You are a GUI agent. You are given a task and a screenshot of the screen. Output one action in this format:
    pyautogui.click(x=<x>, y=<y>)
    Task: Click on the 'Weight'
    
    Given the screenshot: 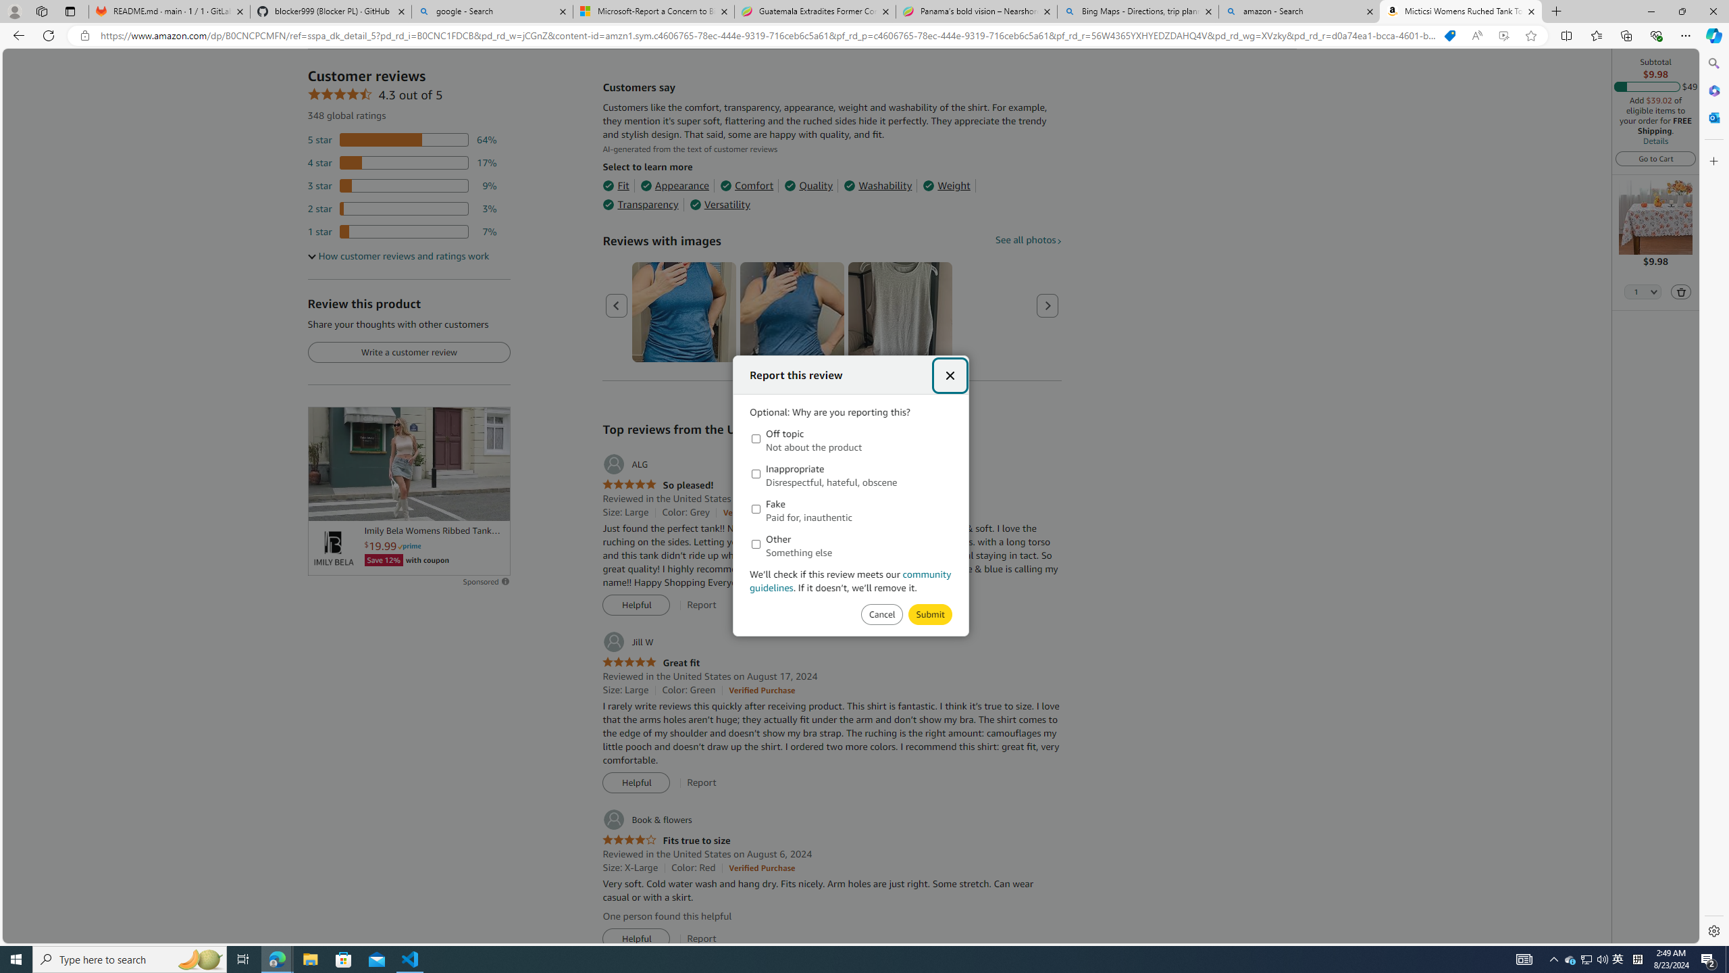 What is the action you would take?
    pyautogui.click(x=946, y=186)
    